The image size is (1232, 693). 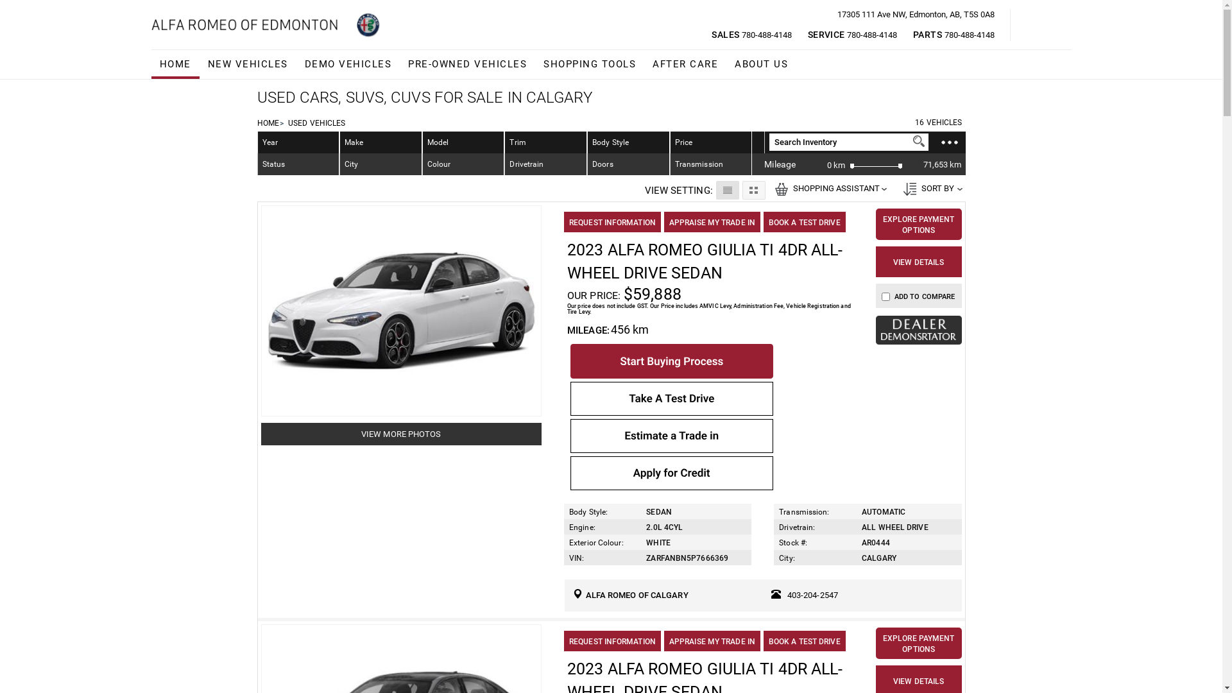 What do you see at coordinates (463, 163) in the screenshot?
I see `'Colour'` at bounding box center [463, 163].